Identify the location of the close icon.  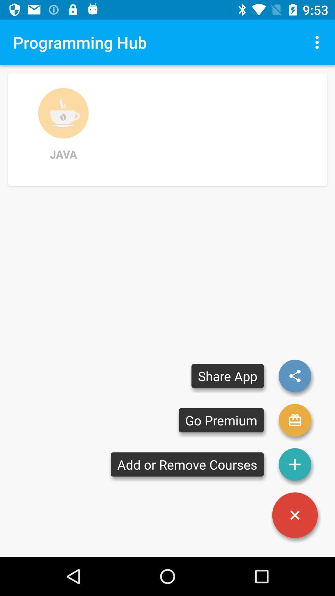
(295, 515).